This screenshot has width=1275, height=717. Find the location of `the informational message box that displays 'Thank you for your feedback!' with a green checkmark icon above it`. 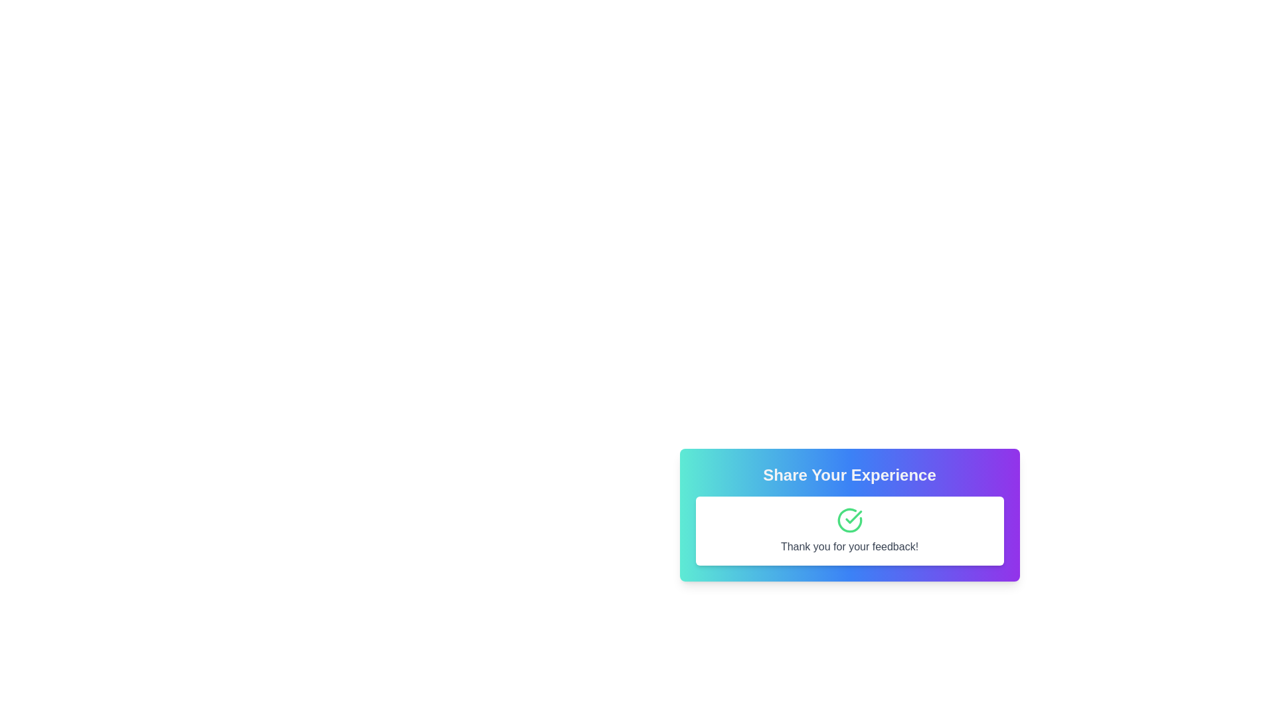

the informational message box that displays 'Thank you for your feedback!' with a green checkmark icon above it is located at coordinates (849, 530).